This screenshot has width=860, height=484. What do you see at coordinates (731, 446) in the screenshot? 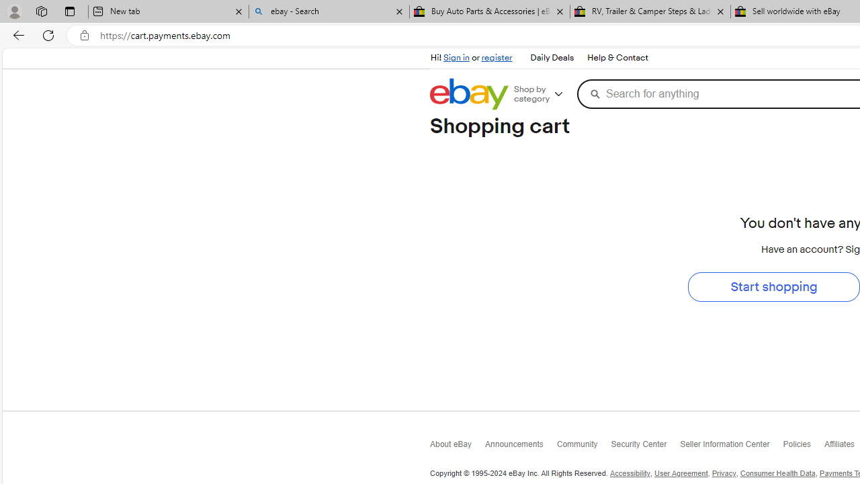
I see `'Seller Information Center'` at bounding box center [731, 446].